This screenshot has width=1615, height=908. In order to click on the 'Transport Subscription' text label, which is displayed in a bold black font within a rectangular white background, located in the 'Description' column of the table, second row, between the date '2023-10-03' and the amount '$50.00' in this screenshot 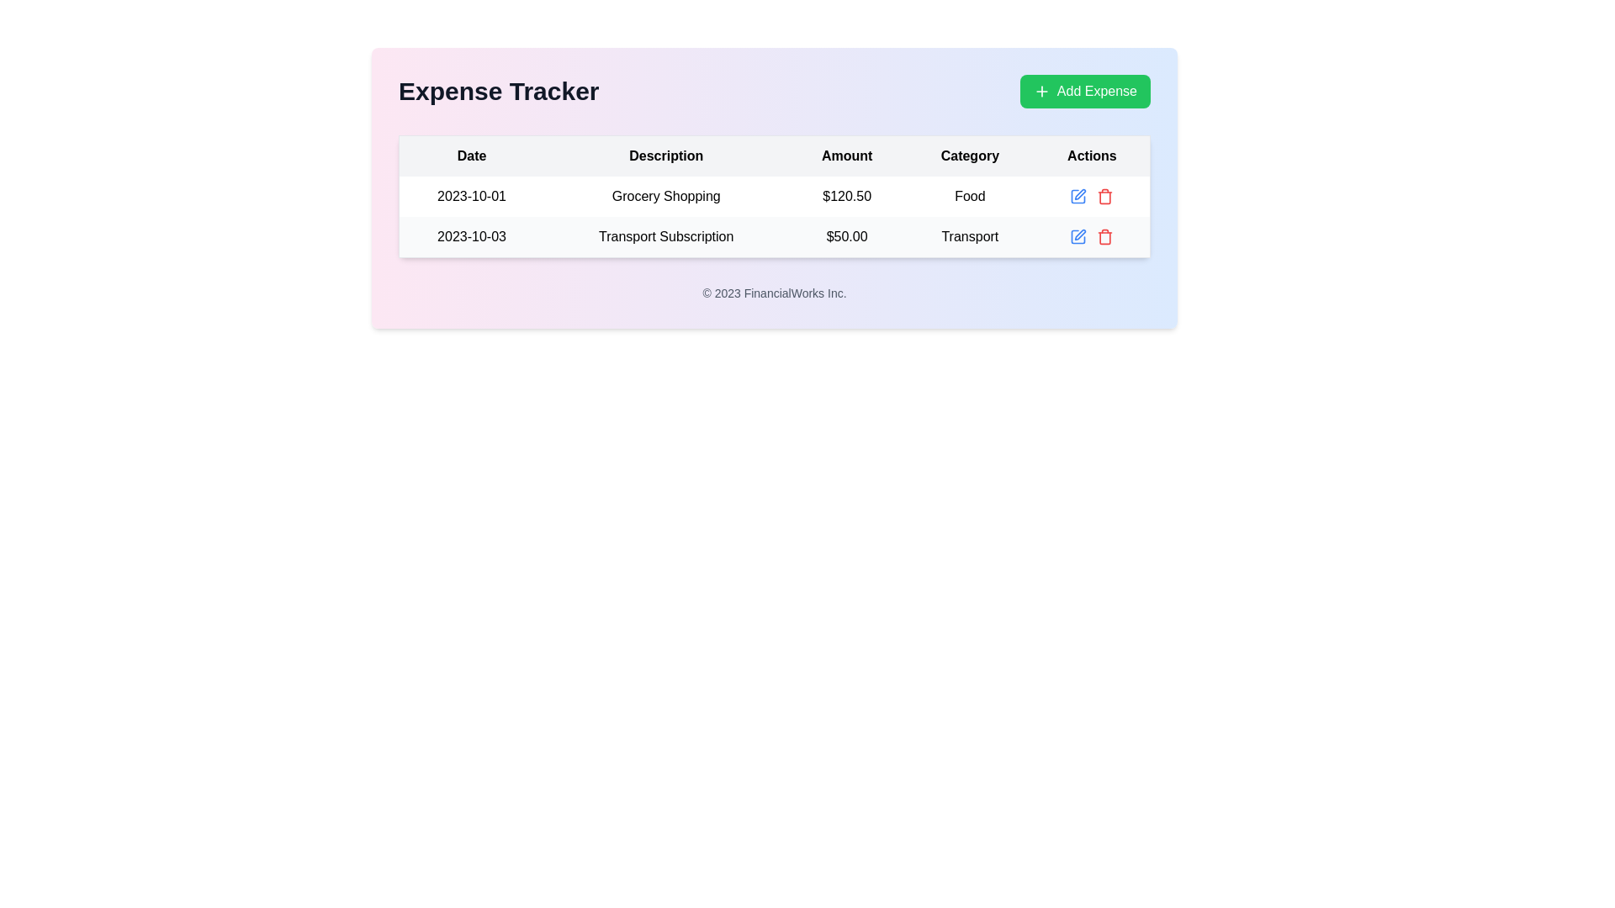, I will do `click(665, 237)`.